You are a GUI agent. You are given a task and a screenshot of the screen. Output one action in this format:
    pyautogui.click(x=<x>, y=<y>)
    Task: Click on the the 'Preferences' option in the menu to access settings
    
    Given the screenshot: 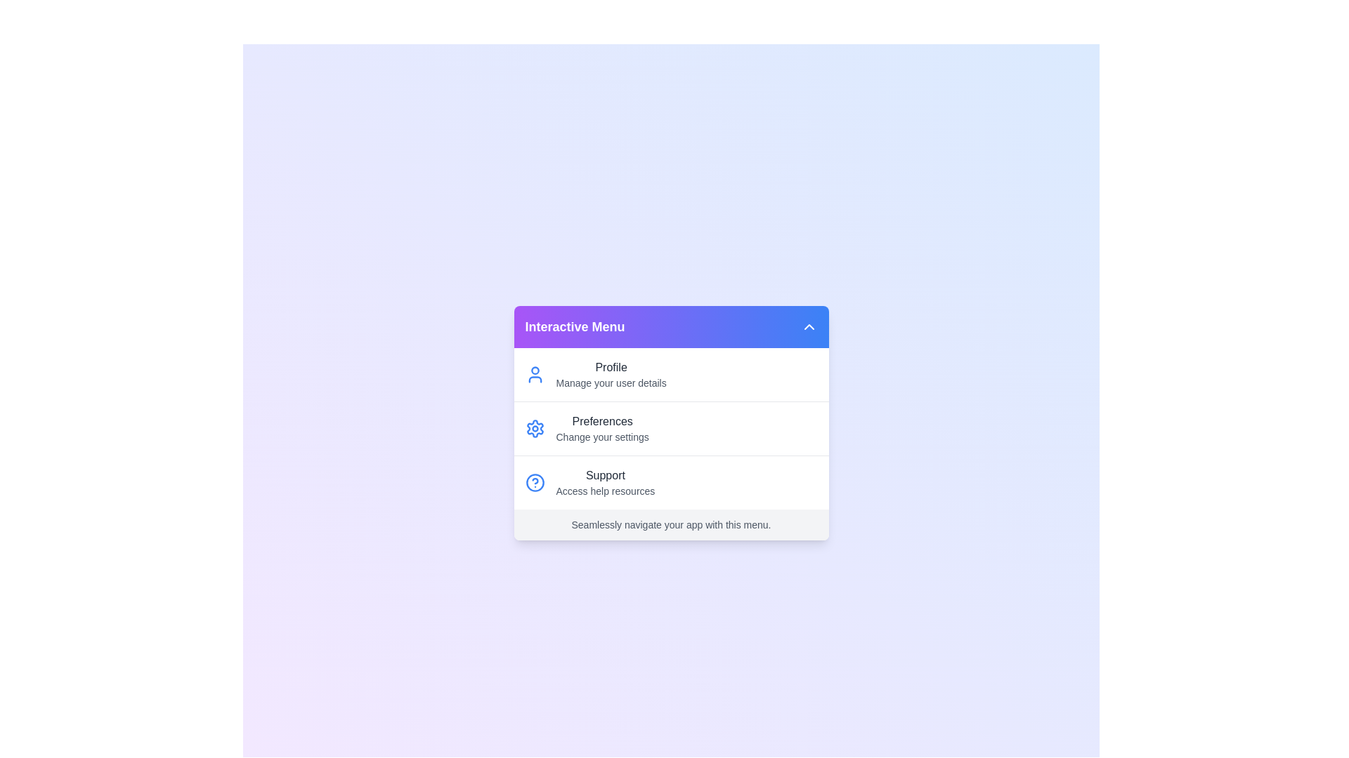 What is the action you would take?
    pyautogui.click(x=534, y=427)
    